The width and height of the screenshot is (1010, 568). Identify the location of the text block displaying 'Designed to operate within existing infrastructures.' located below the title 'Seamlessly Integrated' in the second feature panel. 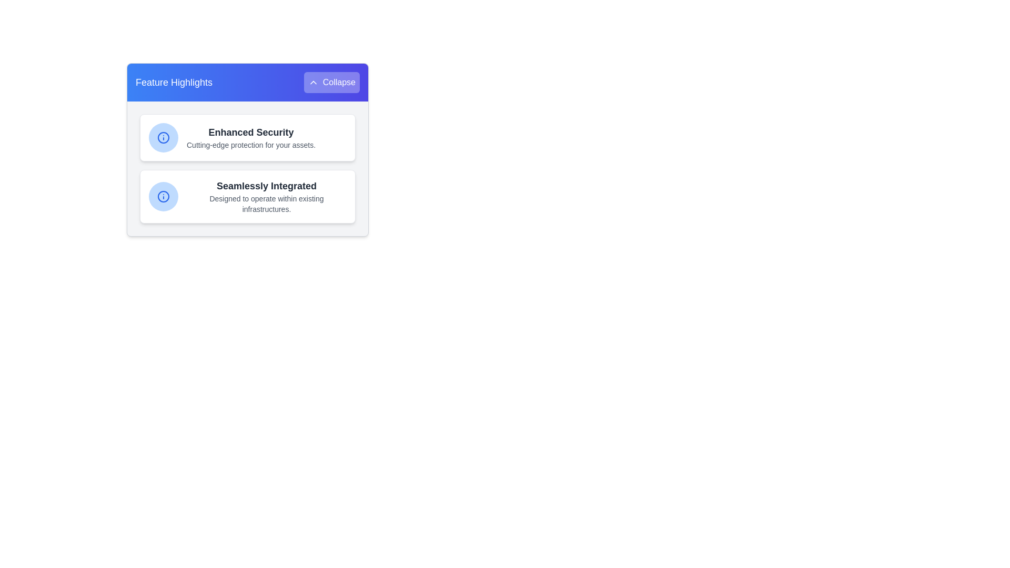
(267, 204).